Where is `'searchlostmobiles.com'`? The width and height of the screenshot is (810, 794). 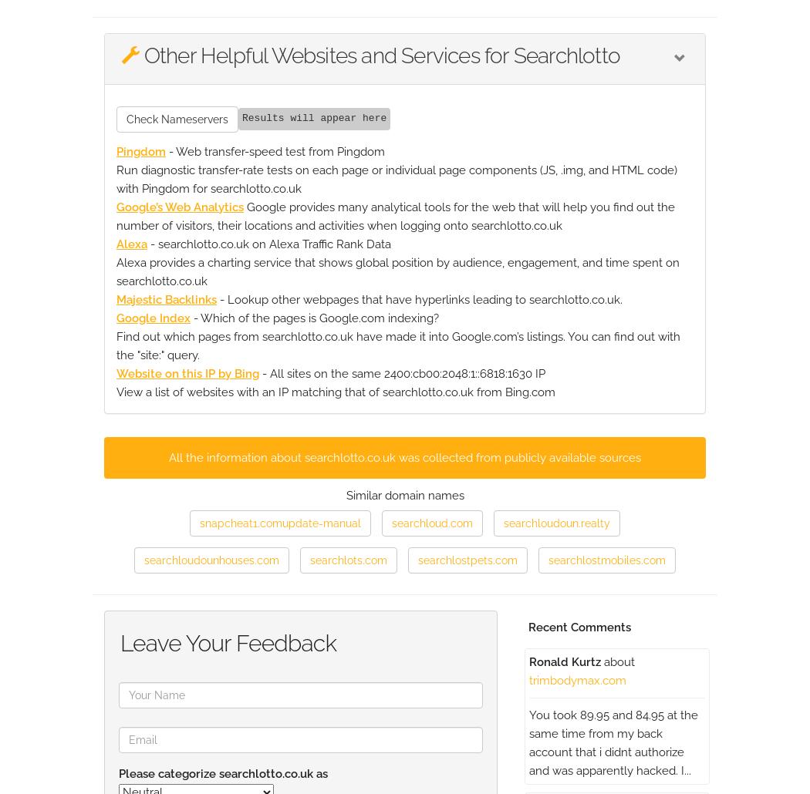 'searchlostmobiles.com' is located at coordinates (606, 560).